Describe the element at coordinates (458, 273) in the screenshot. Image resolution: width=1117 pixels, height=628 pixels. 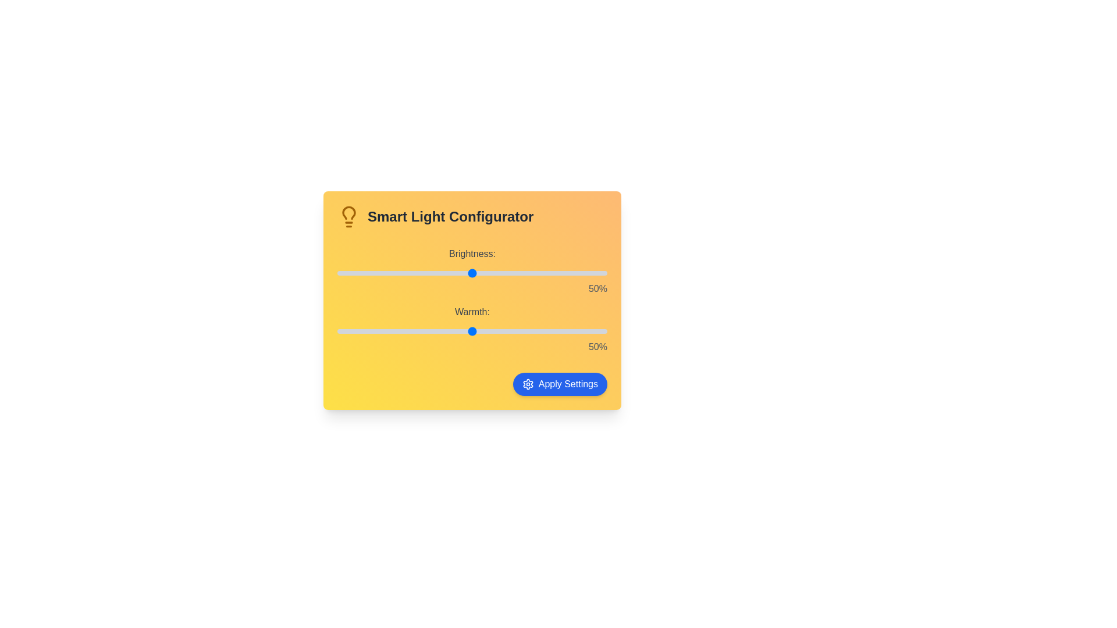
I see `the brightness` at that location.